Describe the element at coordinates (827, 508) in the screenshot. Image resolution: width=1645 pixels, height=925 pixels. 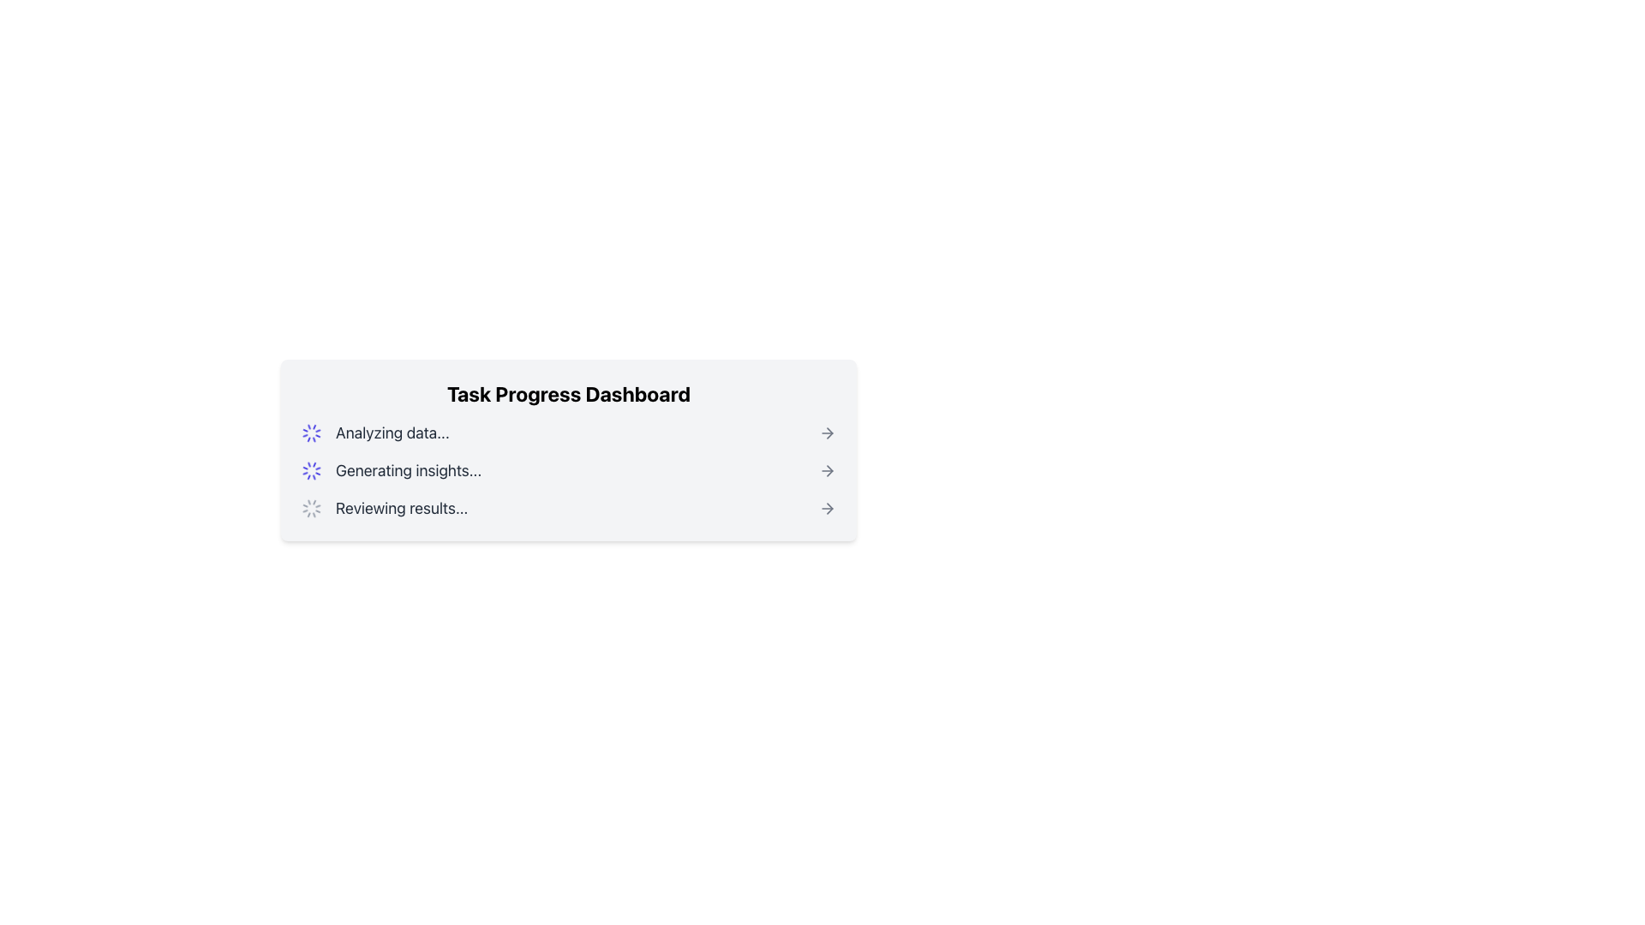
I see `the navigational icon (SVG Element) located at the far right of the 'Reviewing results...' text in the Task Progress Dashboard` at that location.